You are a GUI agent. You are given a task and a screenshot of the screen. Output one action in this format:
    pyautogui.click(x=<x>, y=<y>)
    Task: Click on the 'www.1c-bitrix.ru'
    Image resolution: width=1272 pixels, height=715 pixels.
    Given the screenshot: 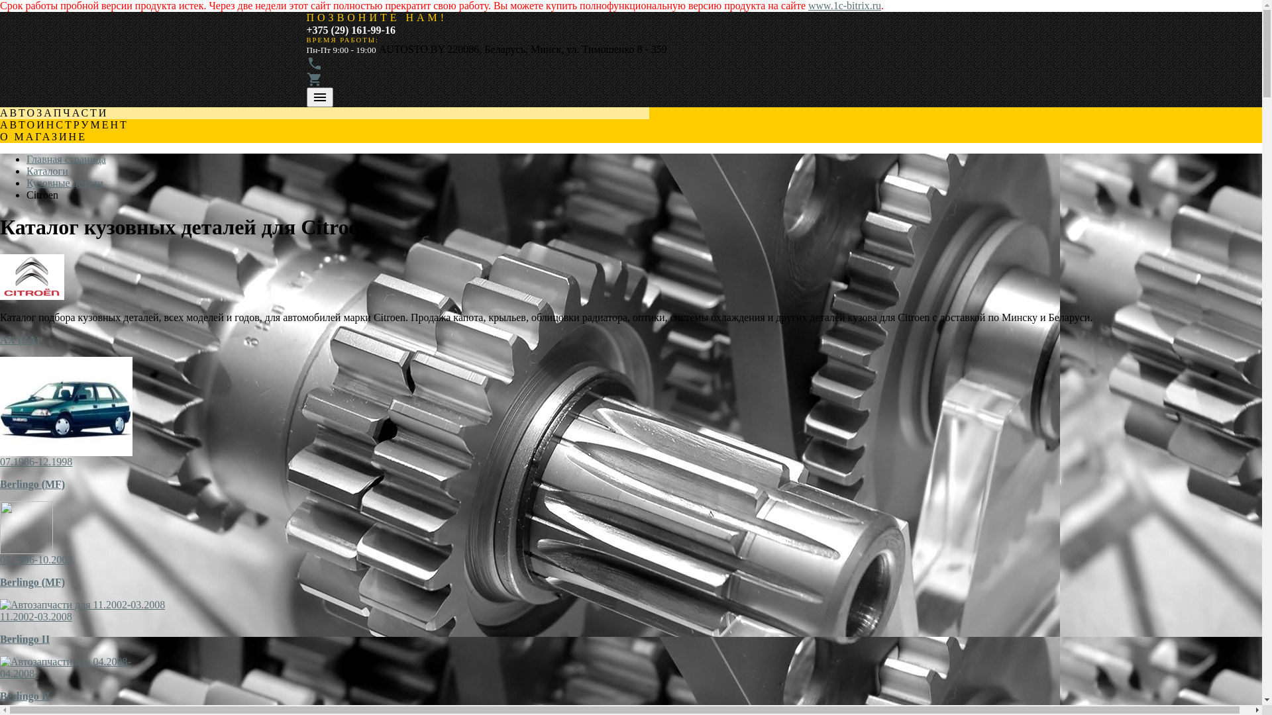 What is the action you would take?
    pyautogui.click(x=844, y=5)
    